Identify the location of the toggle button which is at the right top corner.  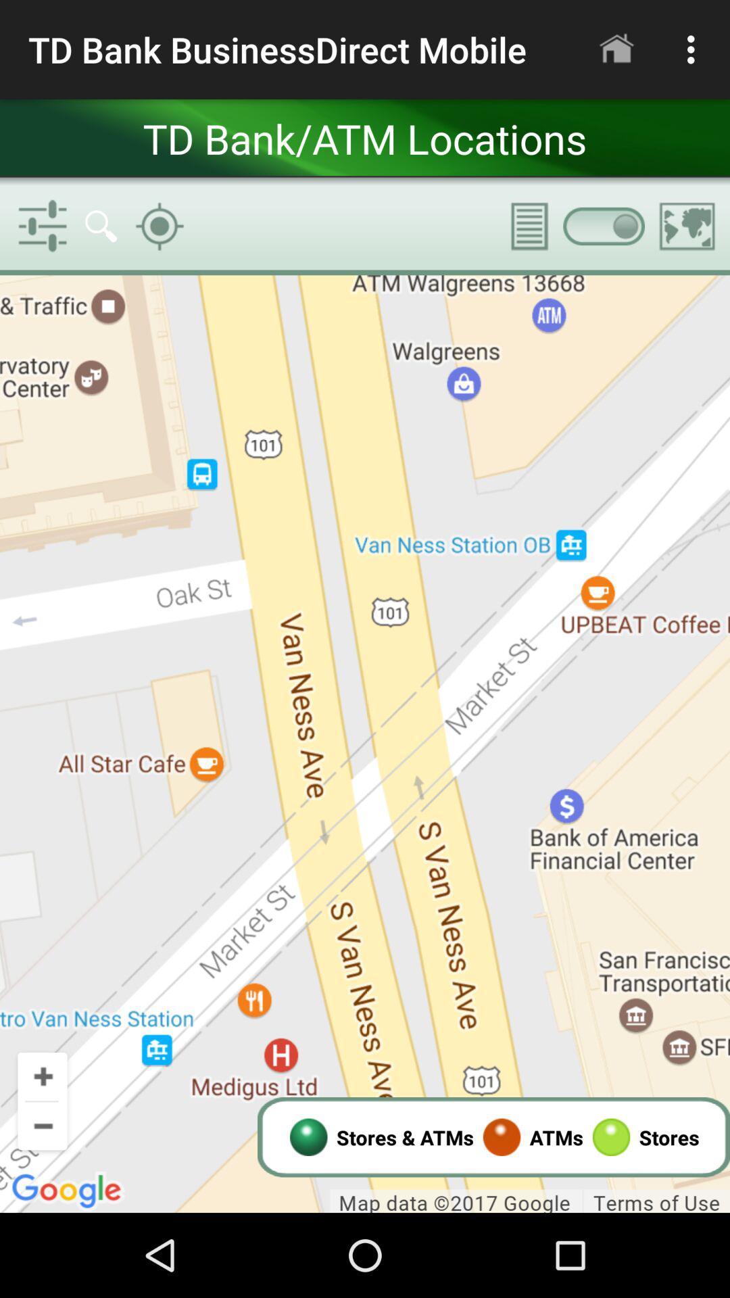
(603, 226).